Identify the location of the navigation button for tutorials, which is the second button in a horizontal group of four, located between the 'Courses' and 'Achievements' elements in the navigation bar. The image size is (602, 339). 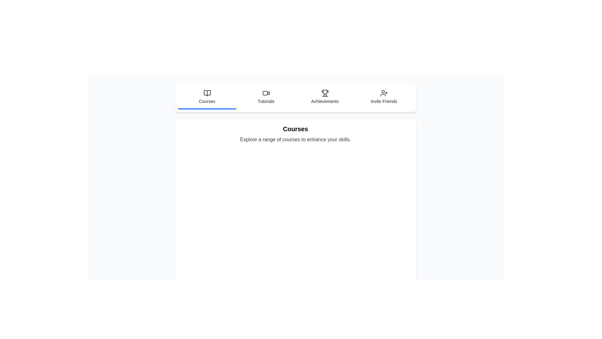
(266, 98).